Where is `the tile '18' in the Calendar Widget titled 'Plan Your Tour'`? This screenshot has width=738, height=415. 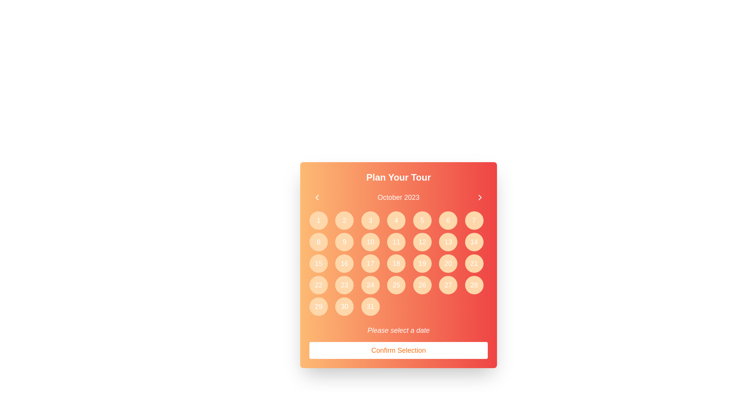 the tile '18' in the Calendar Widget titled 'Plan Your Tour' is located at coordinates (398, 265).